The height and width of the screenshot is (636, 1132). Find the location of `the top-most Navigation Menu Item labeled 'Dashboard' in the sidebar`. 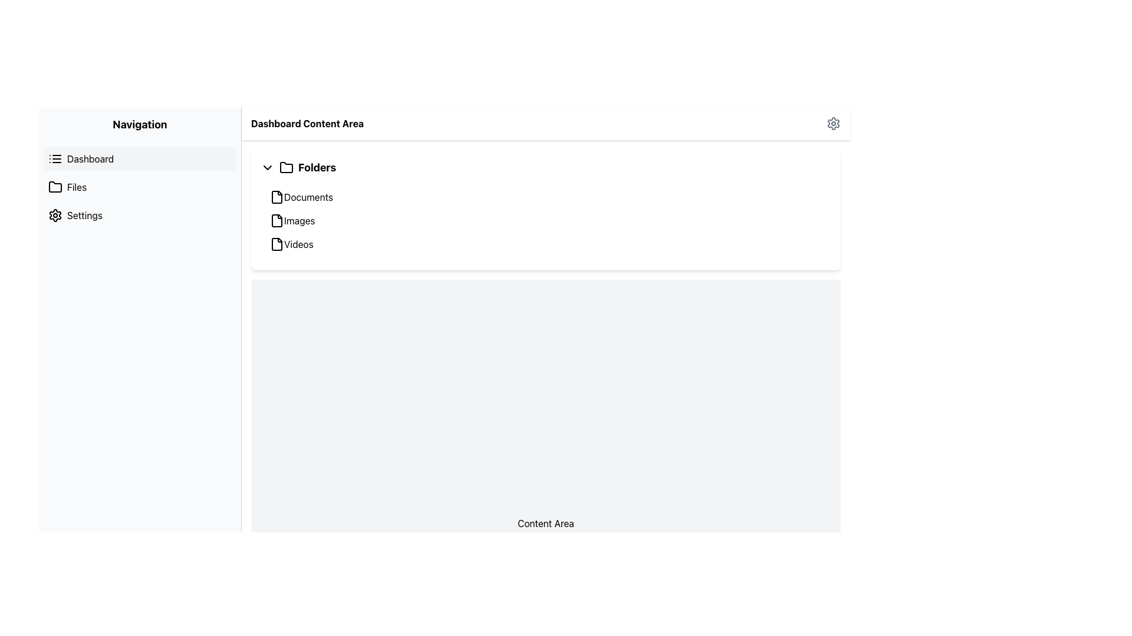

the top-most Navigation Menu Item labeled 'Dashboard' in the sidebar is located at coordinates (140, 159).